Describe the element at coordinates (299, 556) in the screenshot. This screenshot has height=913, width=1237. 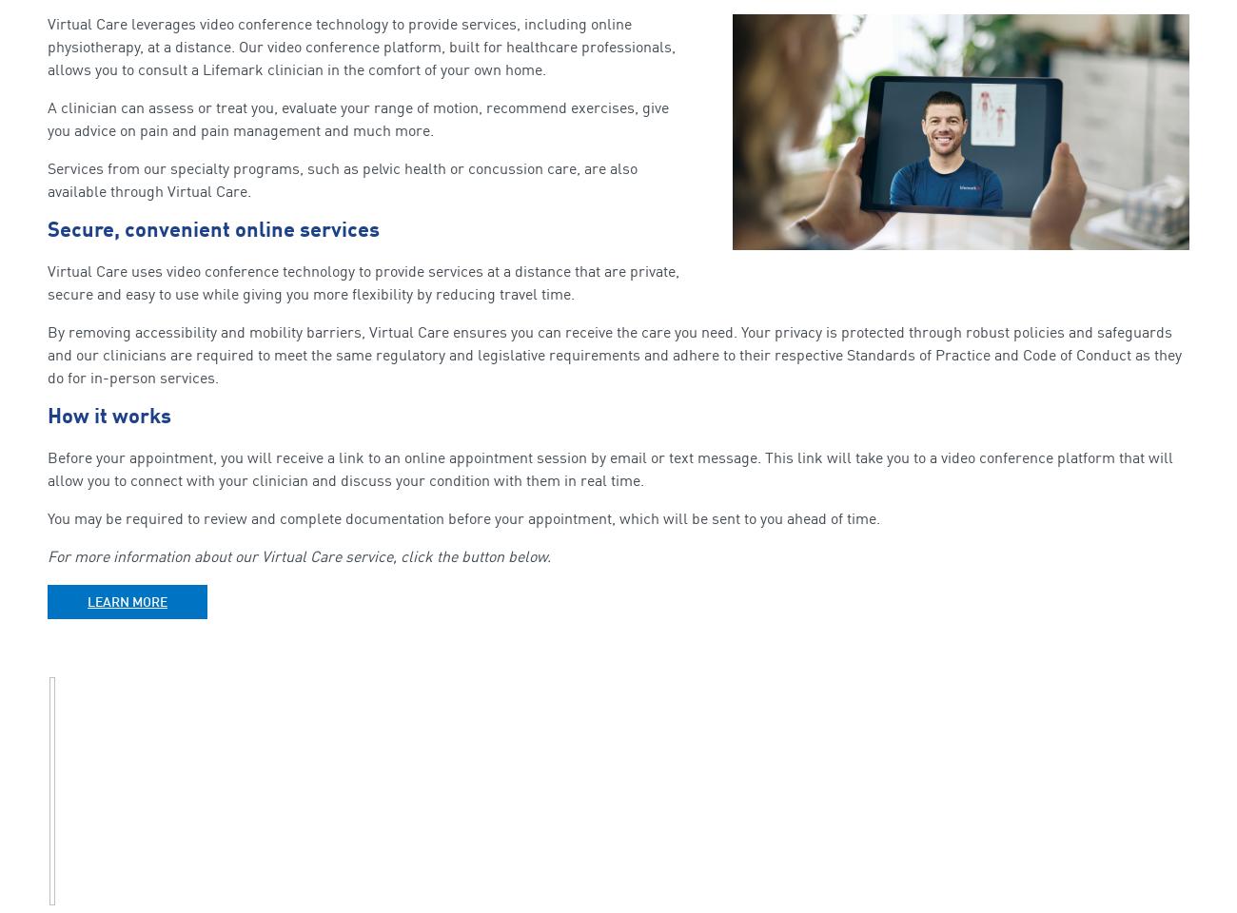
I see `'For more information about our Virtual Care service, click the button below.'` at that location.